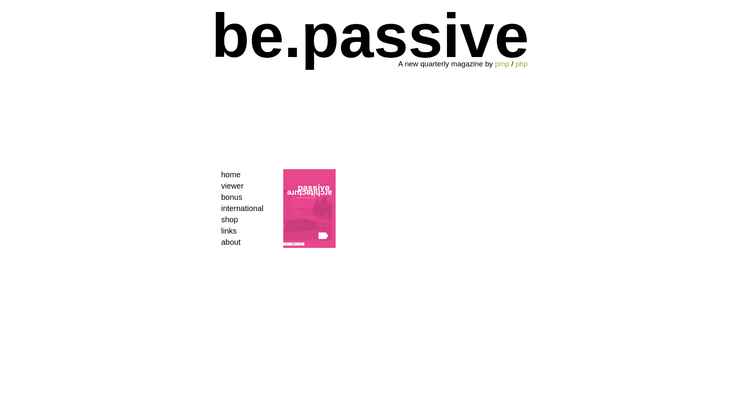 The height and width of the screenshot is (419, 745). I want to click on 'links', so click(240, 230).